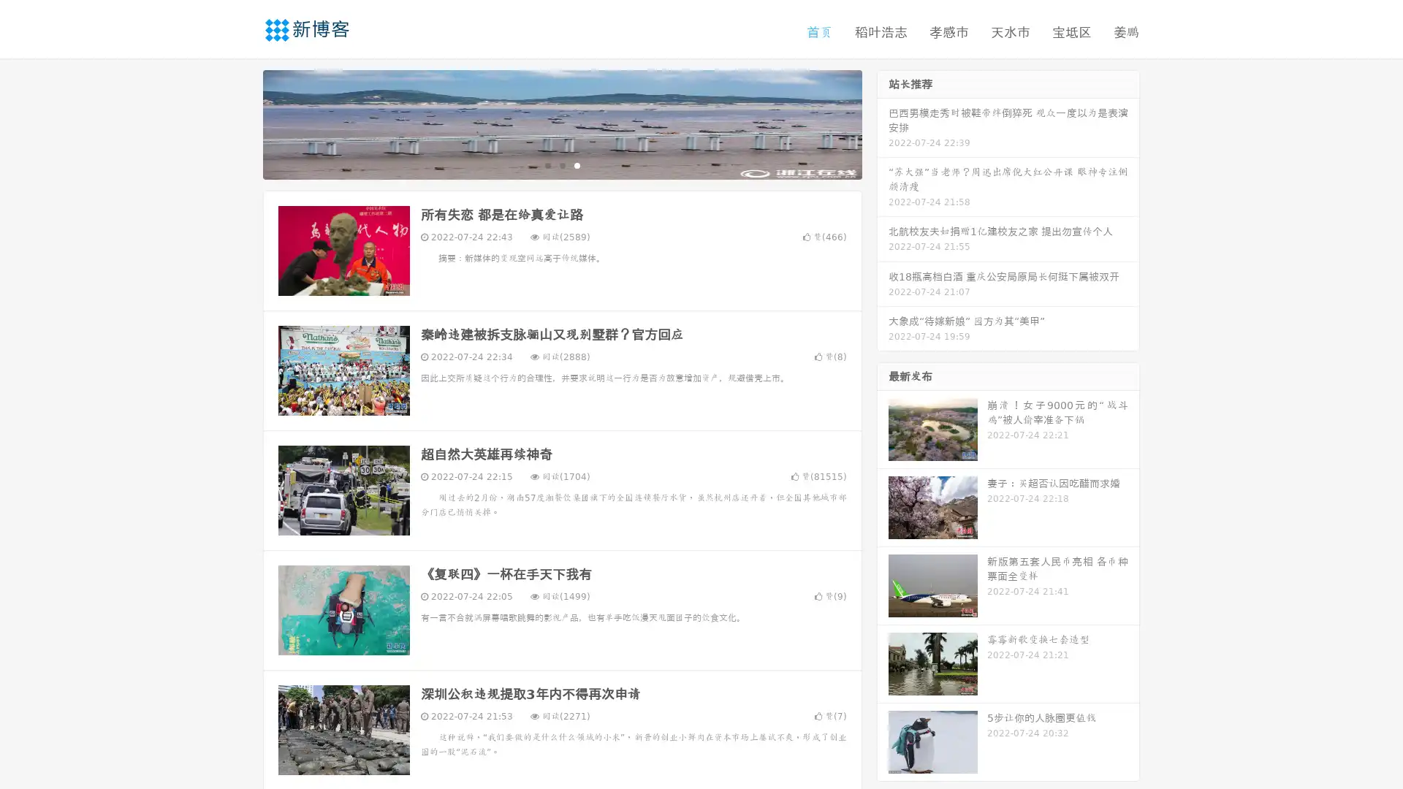 Image resolution: width=1403 pixels, height=789 pixels. What do you see at coordinates (547, 164) in the screenshot?
I see `Go to slide 1` at bounding box center [547, 164].